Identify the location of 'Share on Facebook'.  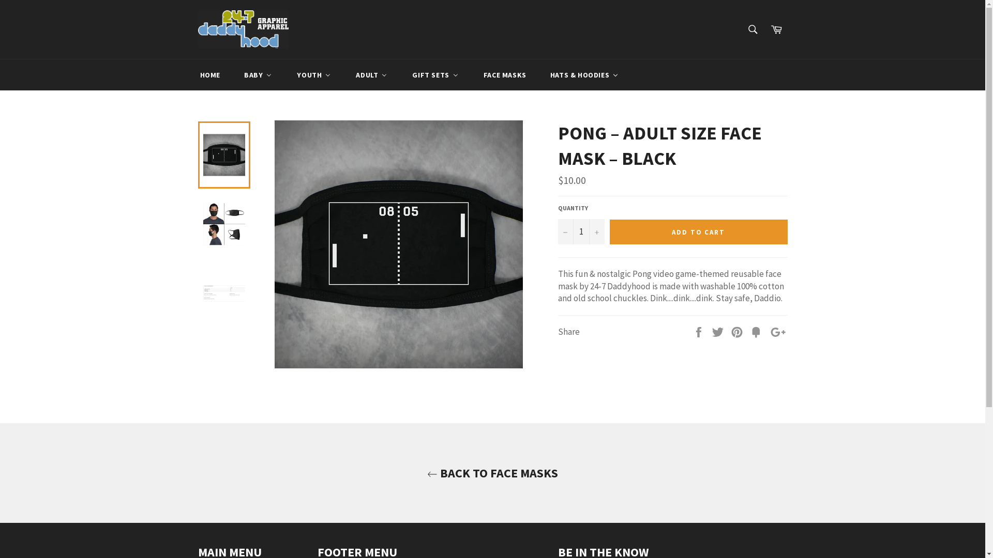
(699, 331).